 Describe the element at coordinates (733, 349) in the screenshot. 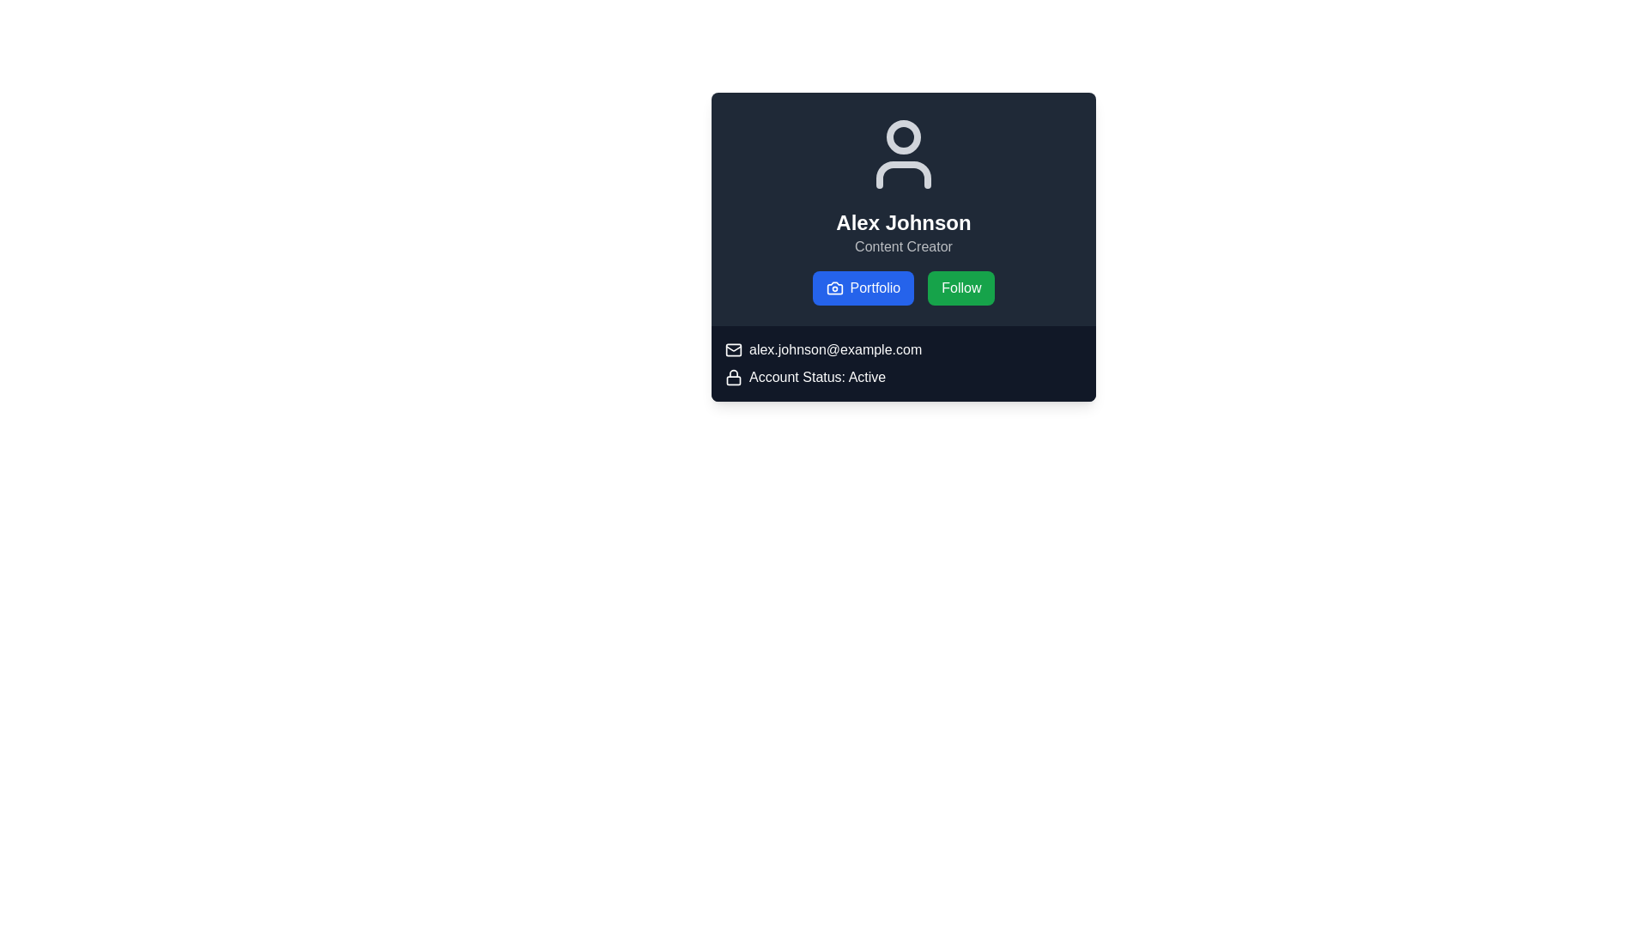

I see `the mail icon represented by a simplistic envelope outline, which is located to the left of the email address 'alex.johnson@example.com' in the bottom-left portion of the card component for Alex Johnson` at that location.